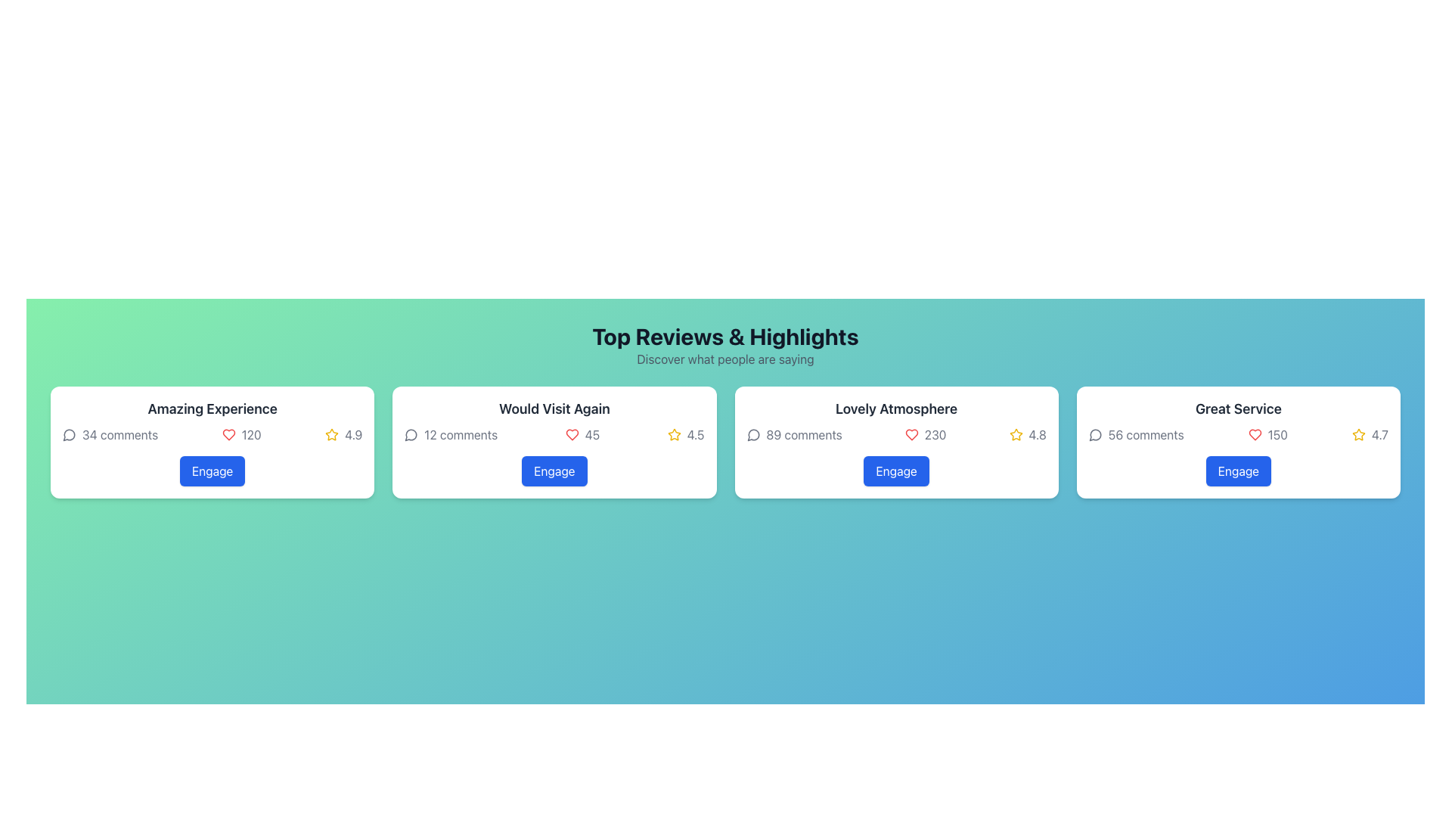  I want to click on the visual representation of likes by interacting with the Like counter displaying '45' likes, which is located in the second card beneath the 'Would Visit Again' heading, so click(582, 434).